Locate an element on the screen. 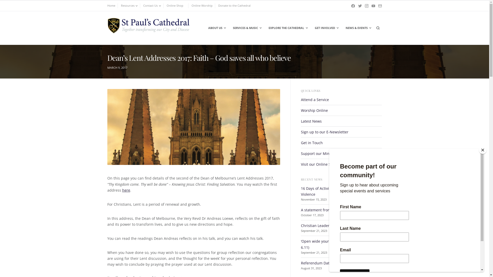 This screenshot has width=493, height=277. 'NEWS & EVENTS' is located at coordinates (358, 28).